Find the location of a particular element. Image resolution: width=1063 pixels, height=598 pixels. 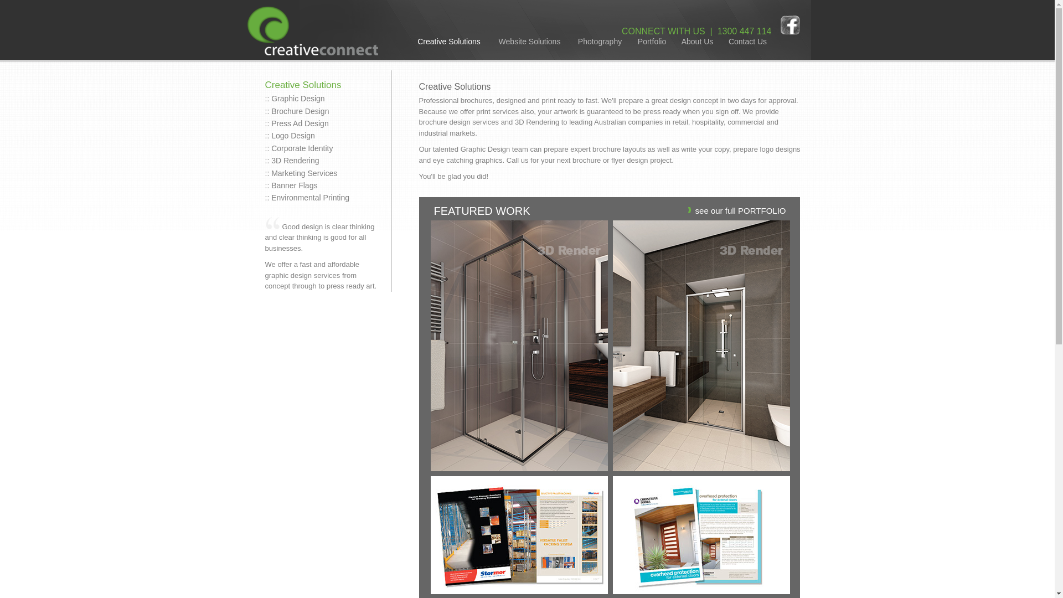

'see our full PORTFOLIO' is located at coordinates (695, 210).